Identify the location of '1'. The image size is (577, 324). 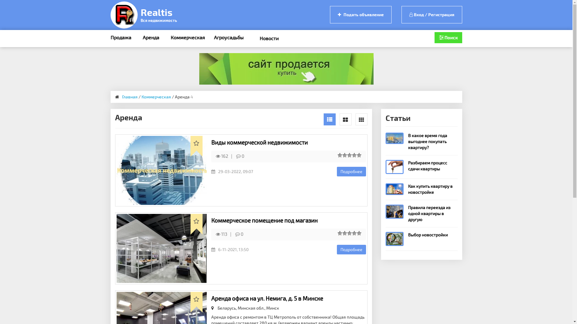
(337, 155).